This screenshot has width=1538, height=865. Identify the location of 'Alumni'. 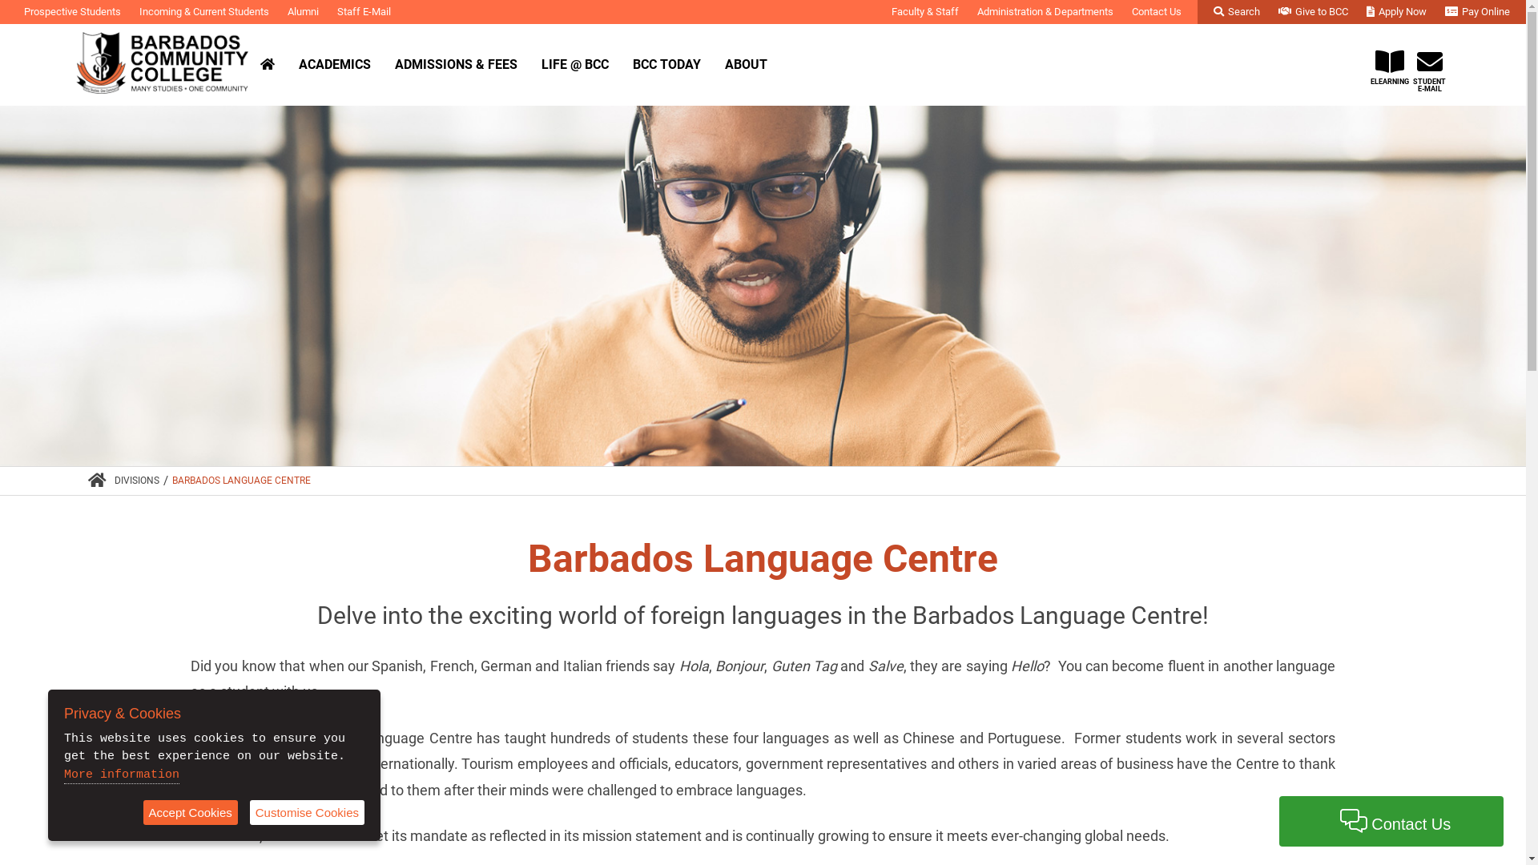
(303, 11).